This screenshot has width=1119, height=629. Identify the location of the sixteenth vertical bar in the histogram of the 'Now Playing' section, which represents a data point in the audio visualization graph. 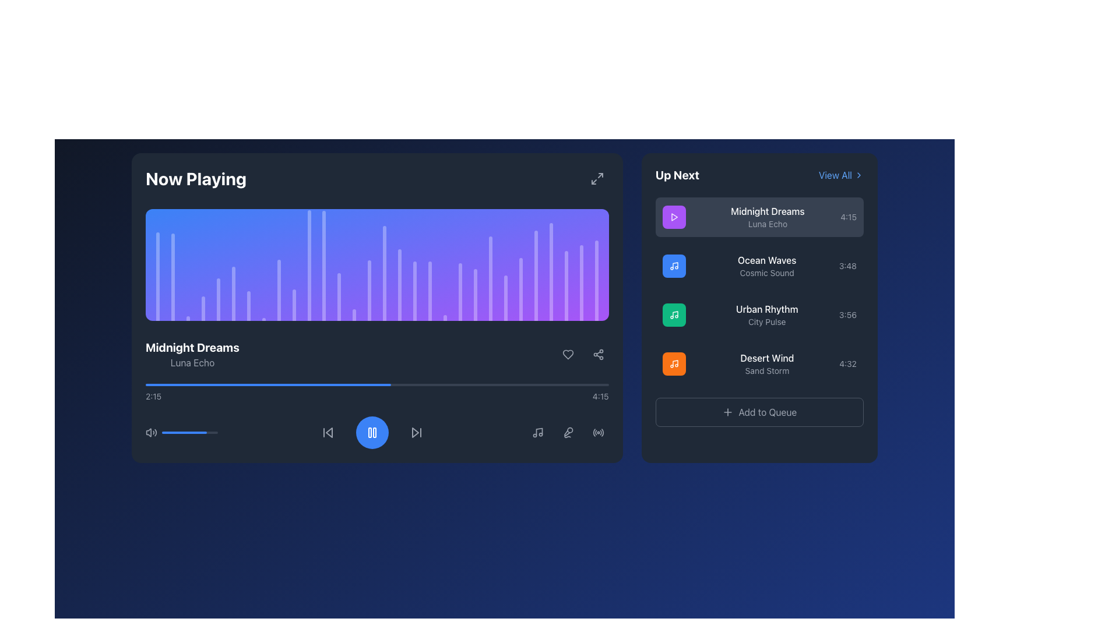
(369, 289).